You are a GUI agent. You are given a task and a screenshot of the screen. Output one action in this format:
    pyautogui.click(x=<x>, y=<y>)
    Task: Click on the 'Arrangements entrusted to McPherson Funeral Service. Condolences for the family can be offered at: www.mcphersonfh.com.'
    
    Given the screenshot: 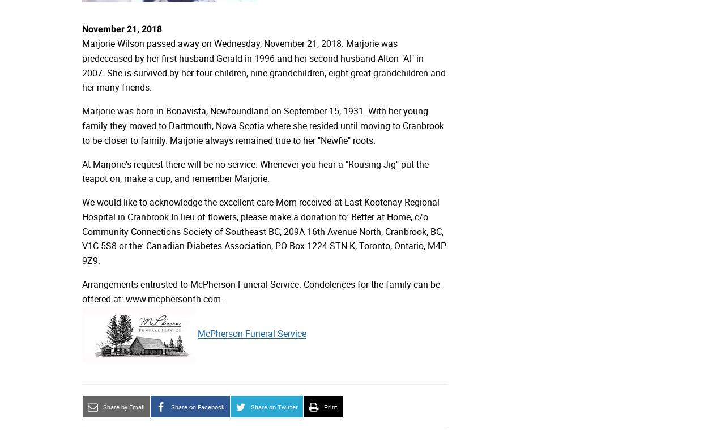 What is the action you would take?
    pyautogui.click(x=261, y=290)
    